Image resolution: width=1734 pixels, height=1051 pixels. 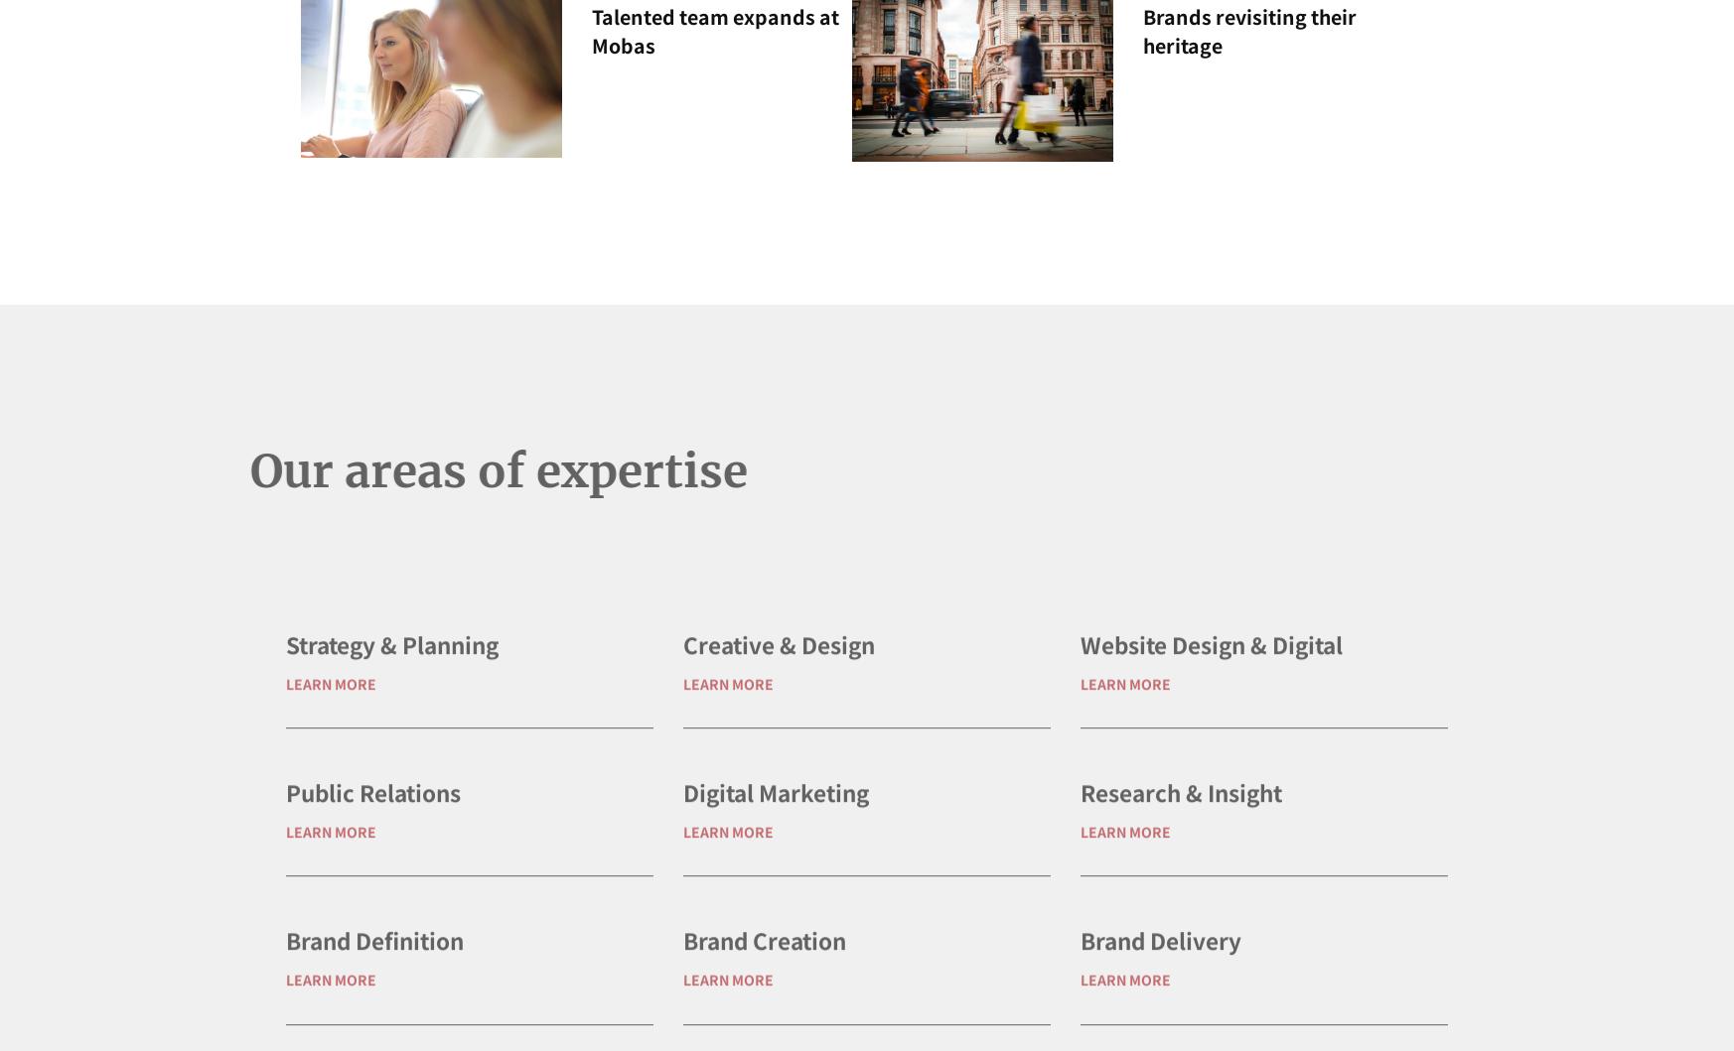 I want to click on 'Brand Creation', so click(x=762, y=1002).